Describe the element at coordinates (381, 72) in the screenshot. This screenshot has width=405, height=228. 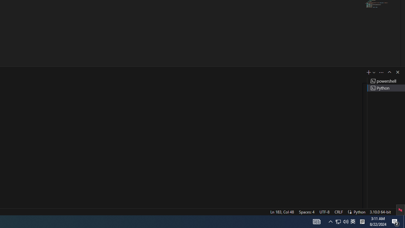
I see `'Views and More Actions...'` at that location.